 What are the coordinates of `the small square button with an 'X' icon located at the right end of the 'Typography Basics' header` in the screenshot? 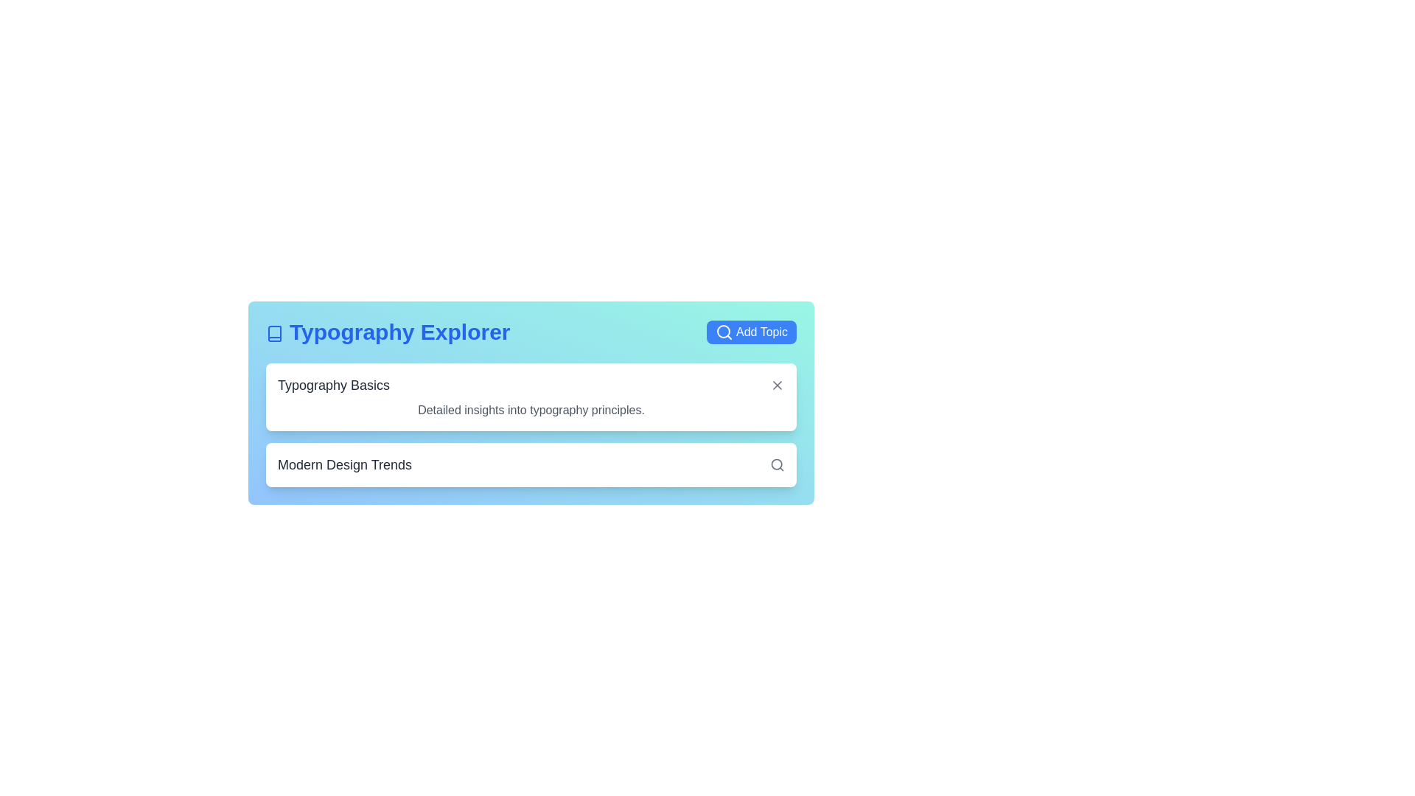 It's located at (777, 385).